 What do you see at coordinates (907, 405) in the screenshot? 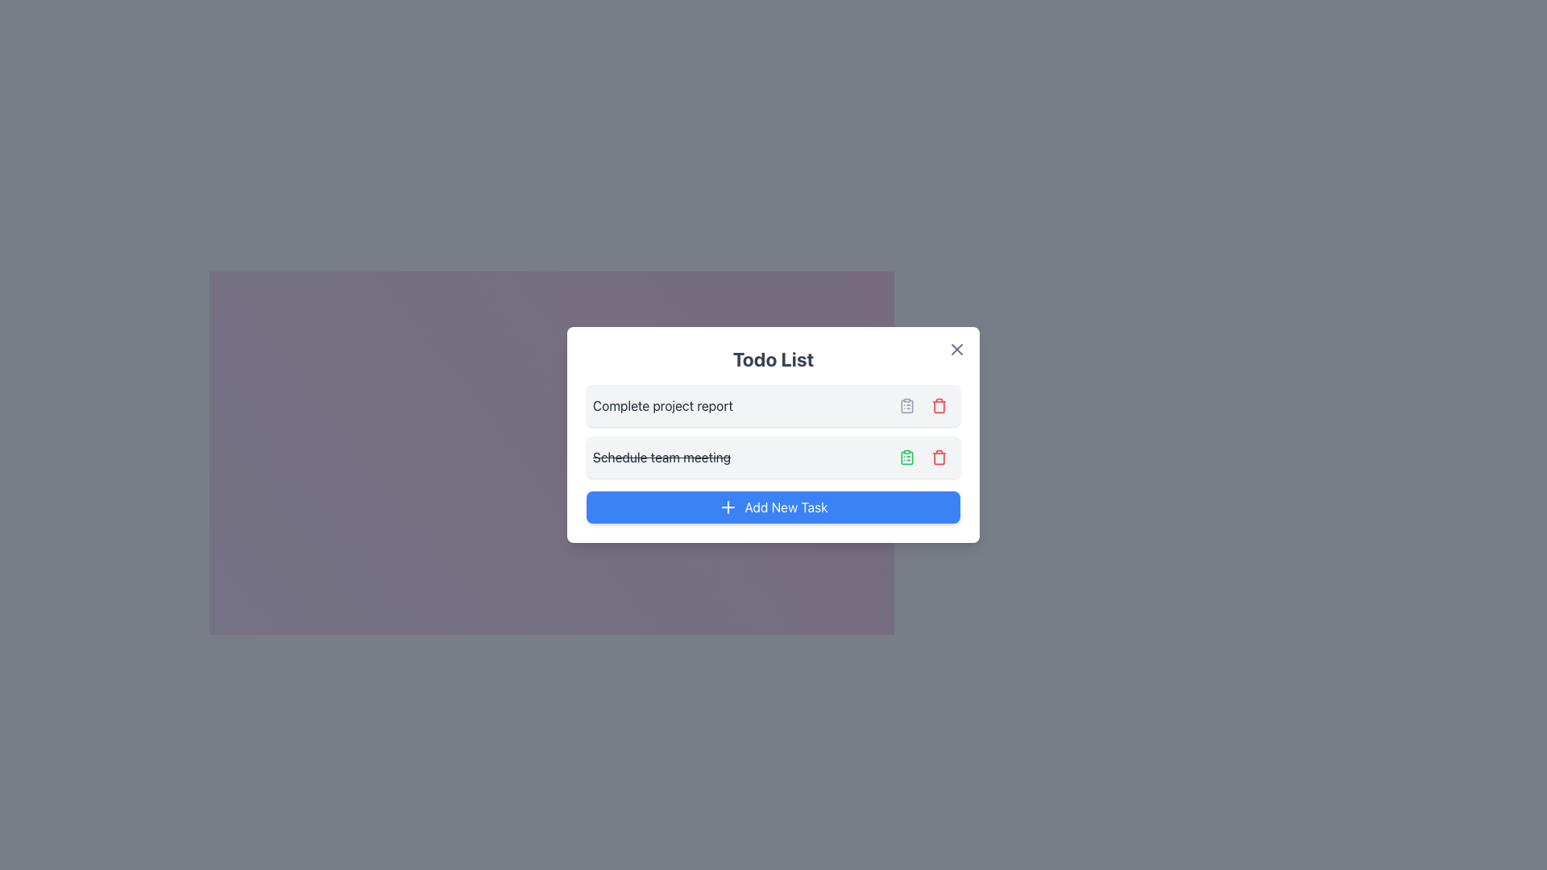
I see `the clipboard icon located to the right of the text 'Complete project report' in the first item of the to-do list` at bounding box center [907, 405].